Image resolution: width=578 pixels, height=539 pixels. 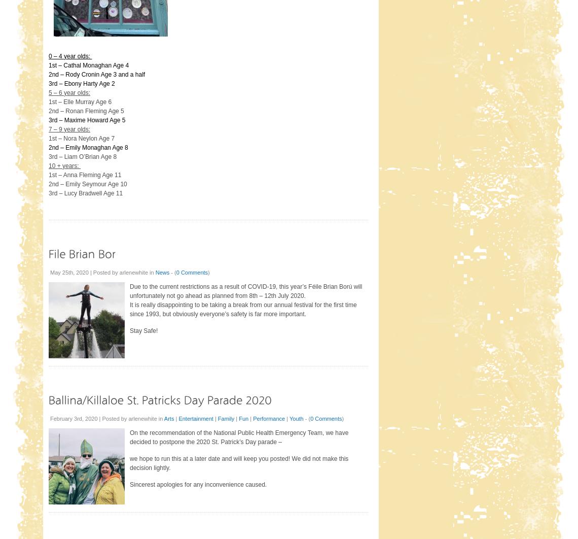 I want to click on 'Youth', so click(x=296, y=418).